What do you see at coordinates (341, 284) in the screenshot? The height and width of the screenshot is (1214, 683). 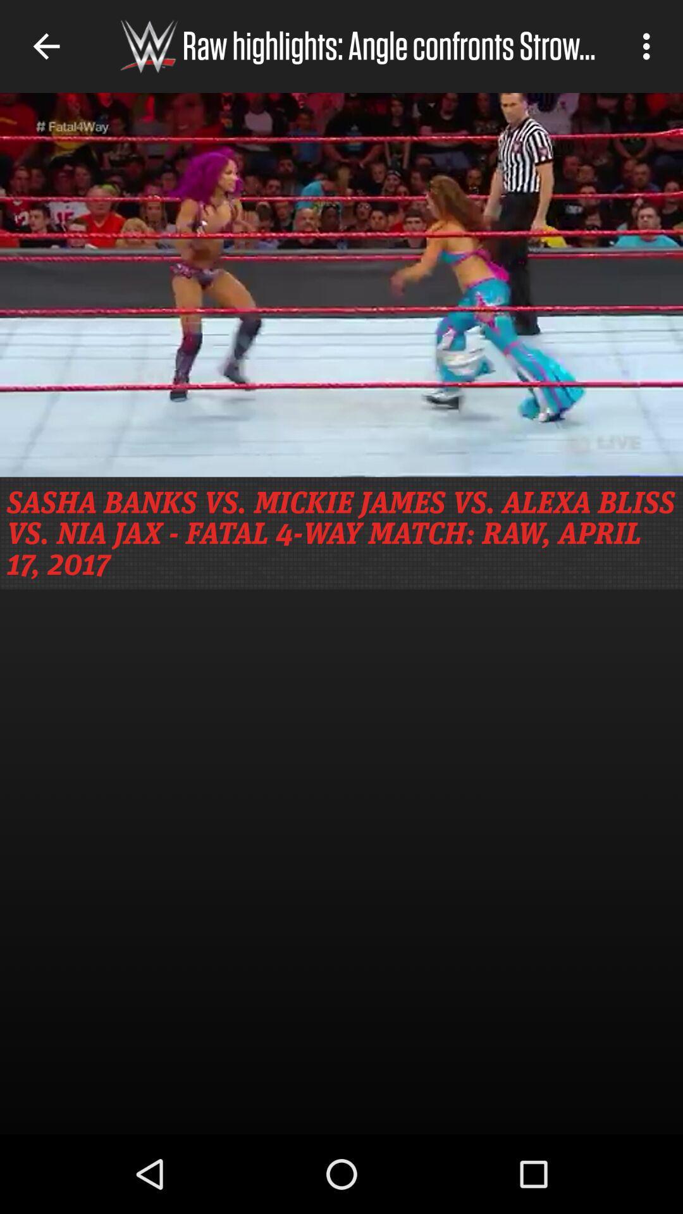 I see `angle confronts strow` at bounding box center [341, 284].